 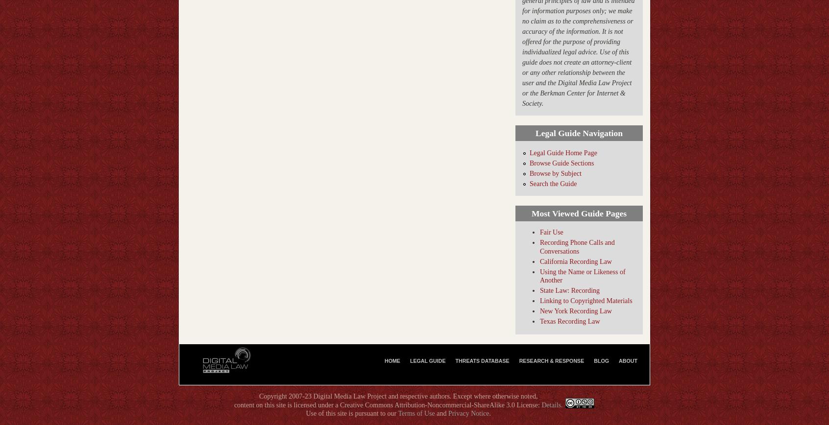 I want to click on 'Browse Guide Sections', so click(x=561, y=163).